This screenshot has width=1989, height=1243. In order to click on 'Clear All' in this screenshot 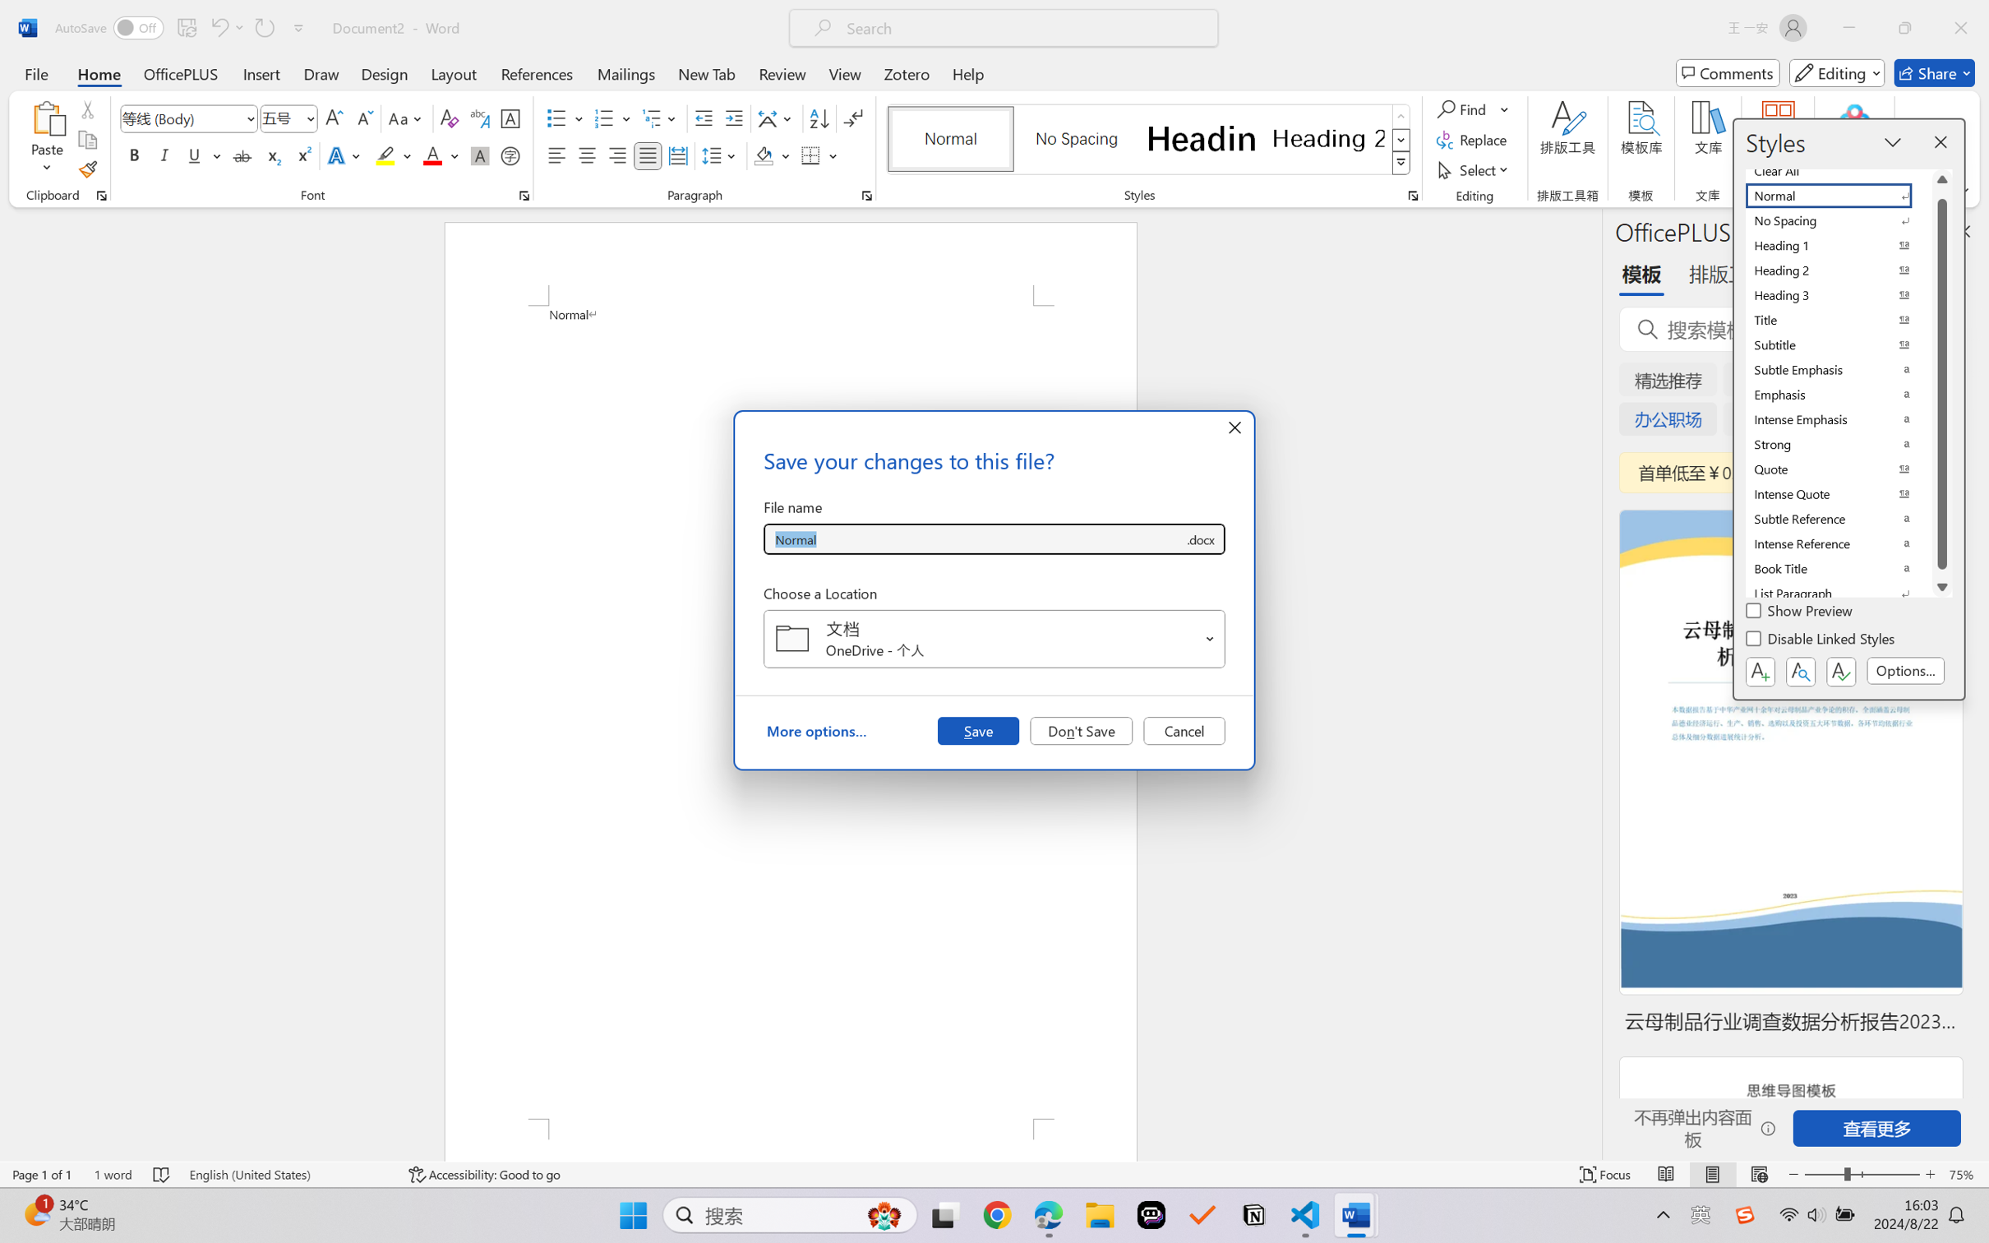, I will do `click(1839, 170)`.